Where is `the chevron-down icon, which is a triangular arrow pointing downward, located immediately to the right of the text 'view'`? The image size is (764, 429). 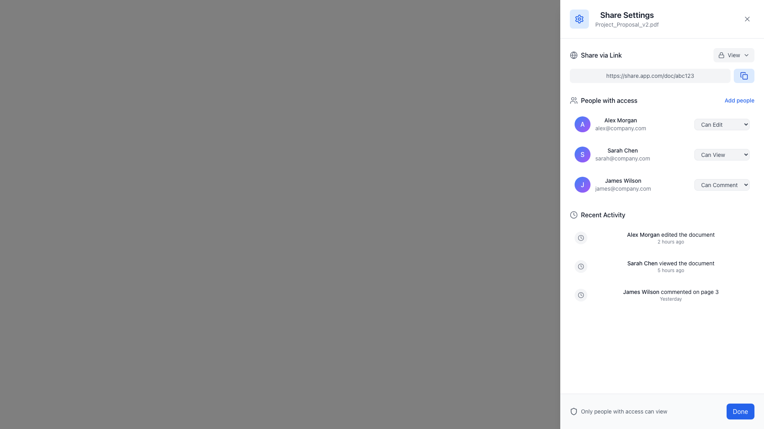 the chevron-down icon, which is a triangular arrow pointing downward, located immediately to the right of the text 'view' is located at coordinates (746, 54).